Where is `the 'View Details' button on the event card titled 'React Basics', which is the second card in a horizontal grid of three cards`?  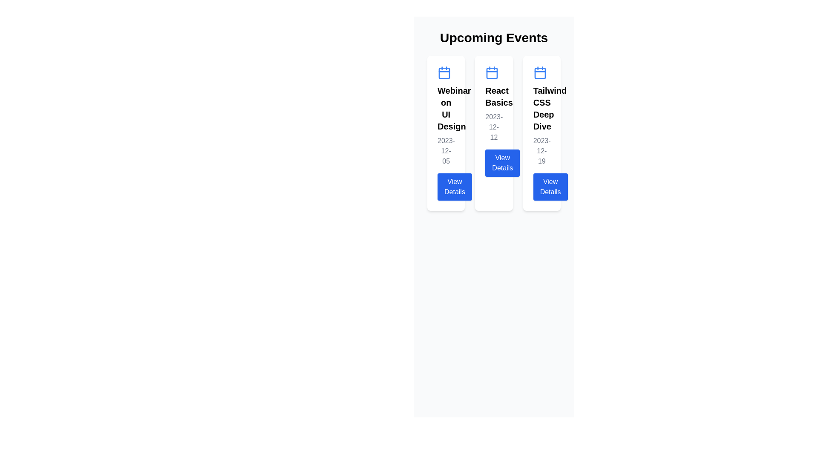
the 'View Details' button on the event card titled 'React Basics', which is the second card in a horizontal grid of three cards is located at coordinates (494, 133).